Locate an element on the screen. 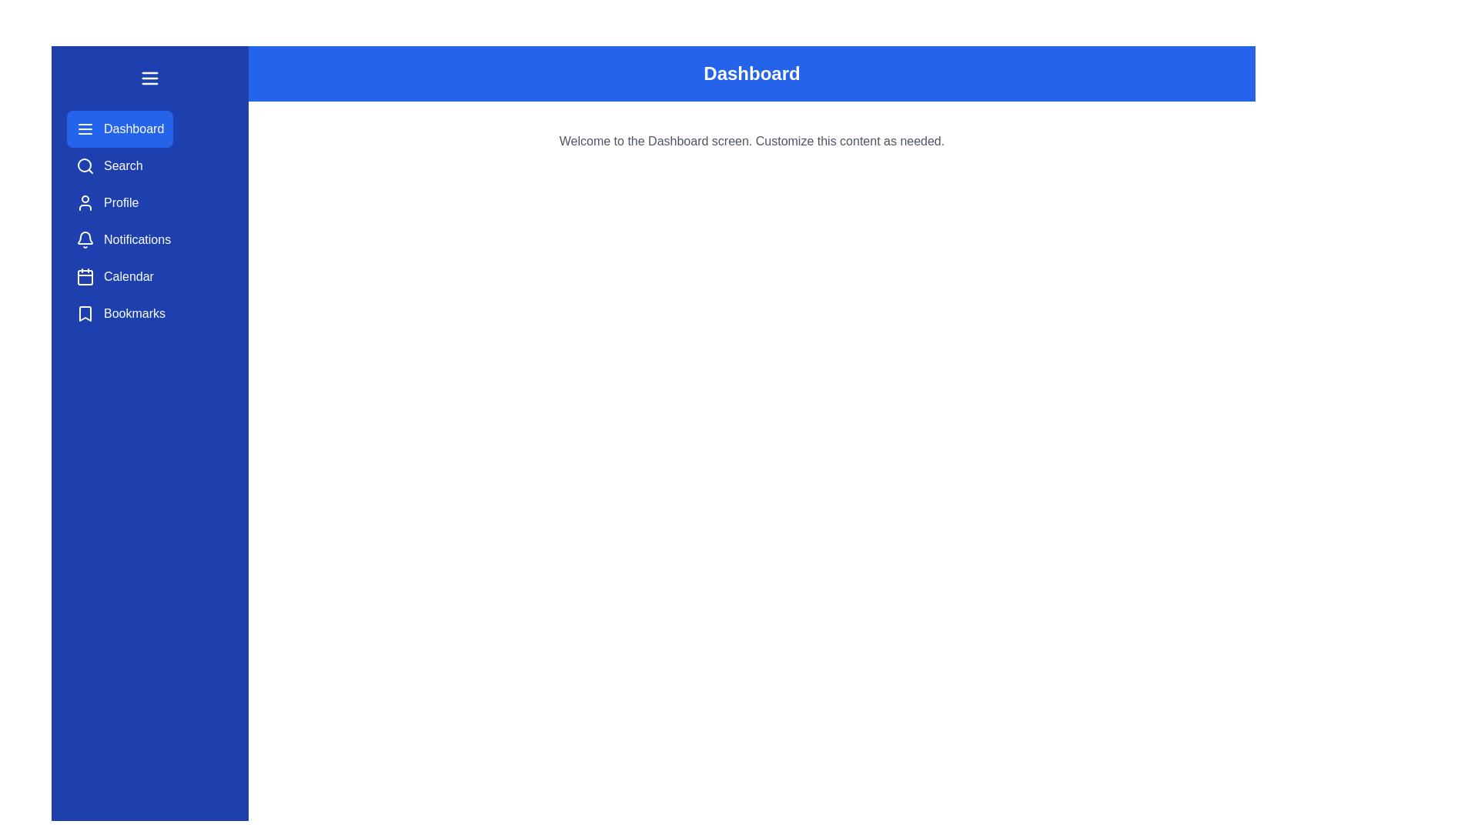 This screenshot has height=831, width=1478. the notification bell icon styled in blue located in the vertical navigation menu, which is the fourth item from the top, adjacent to the 'Notifications' label is located at coordinates (84, 238).